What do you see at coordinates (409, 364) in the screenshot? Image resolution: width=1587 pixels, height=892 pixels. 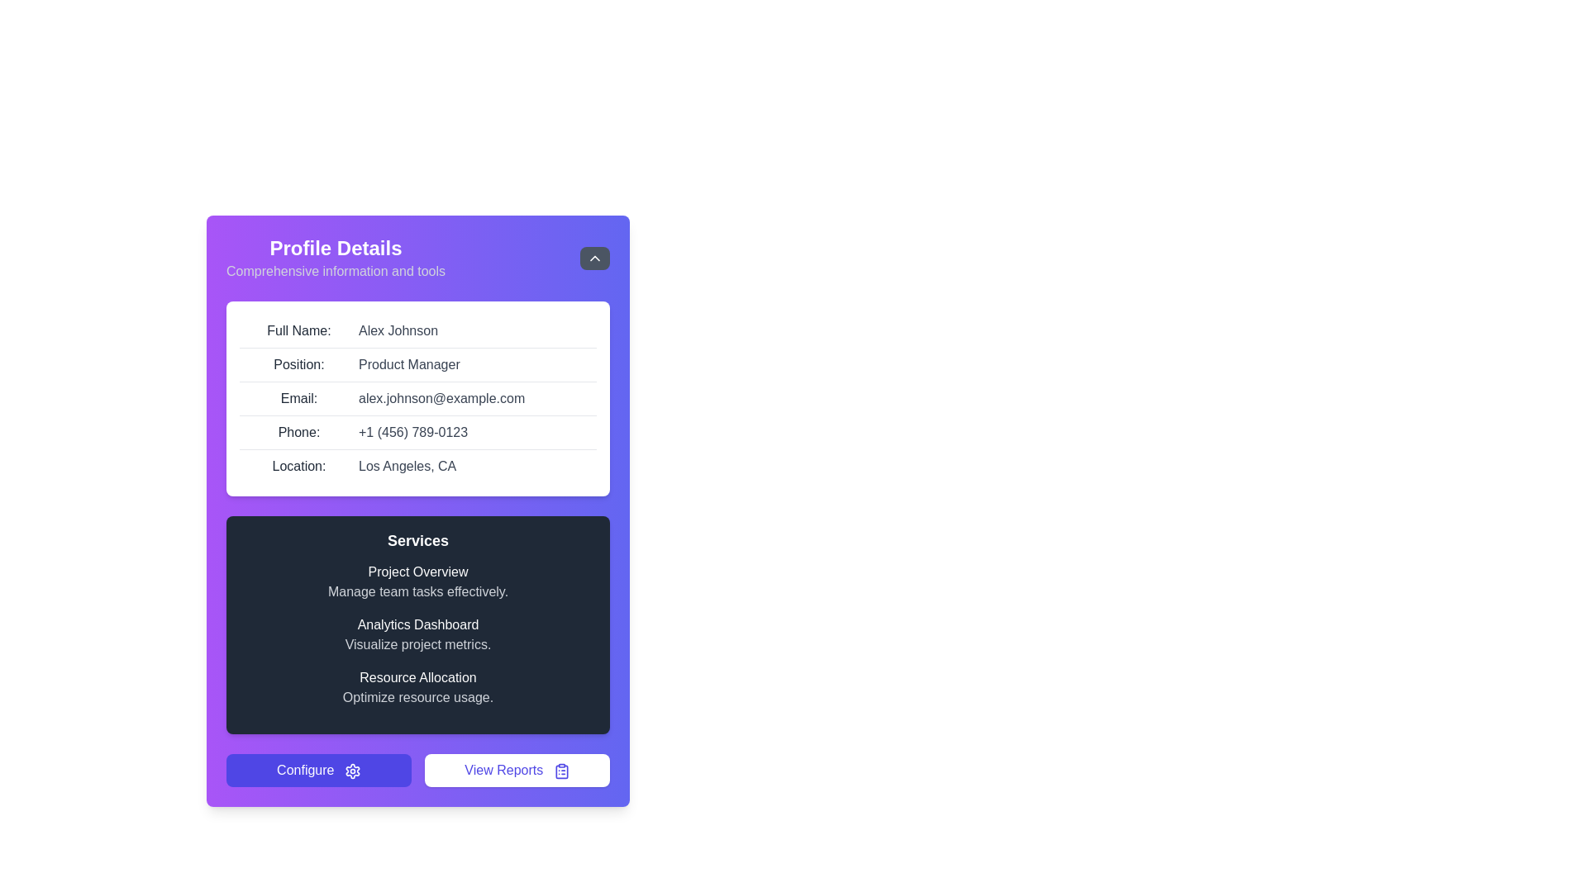 I see `the Static Text element displaying 'Product Manager', which is located in the profile details section to the right of the label 'Position:'` at bounding box center [409, 364].